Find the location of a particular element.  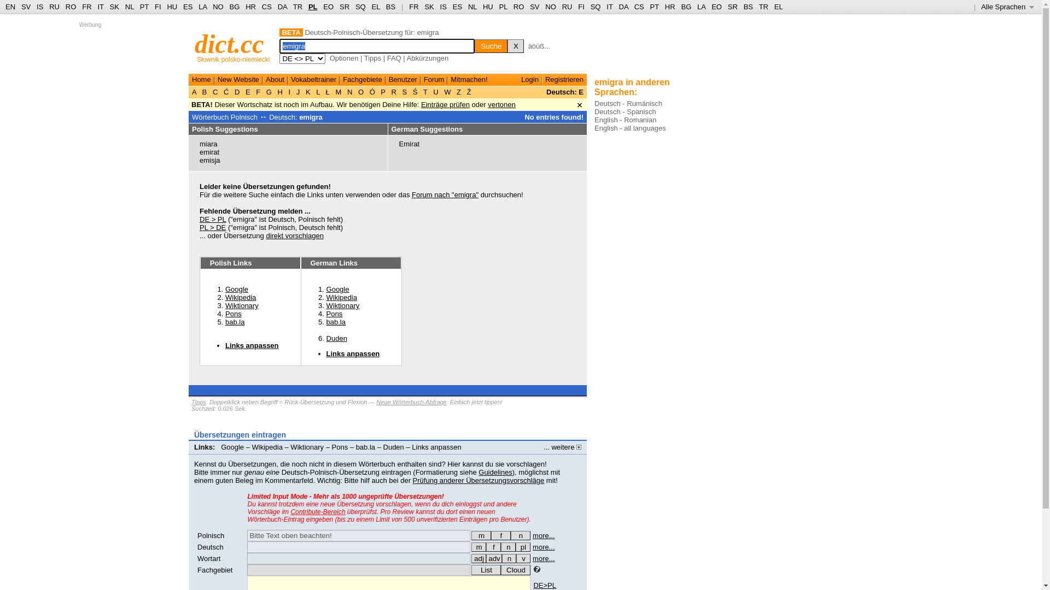

'C' is located at coordinates (215, 91).